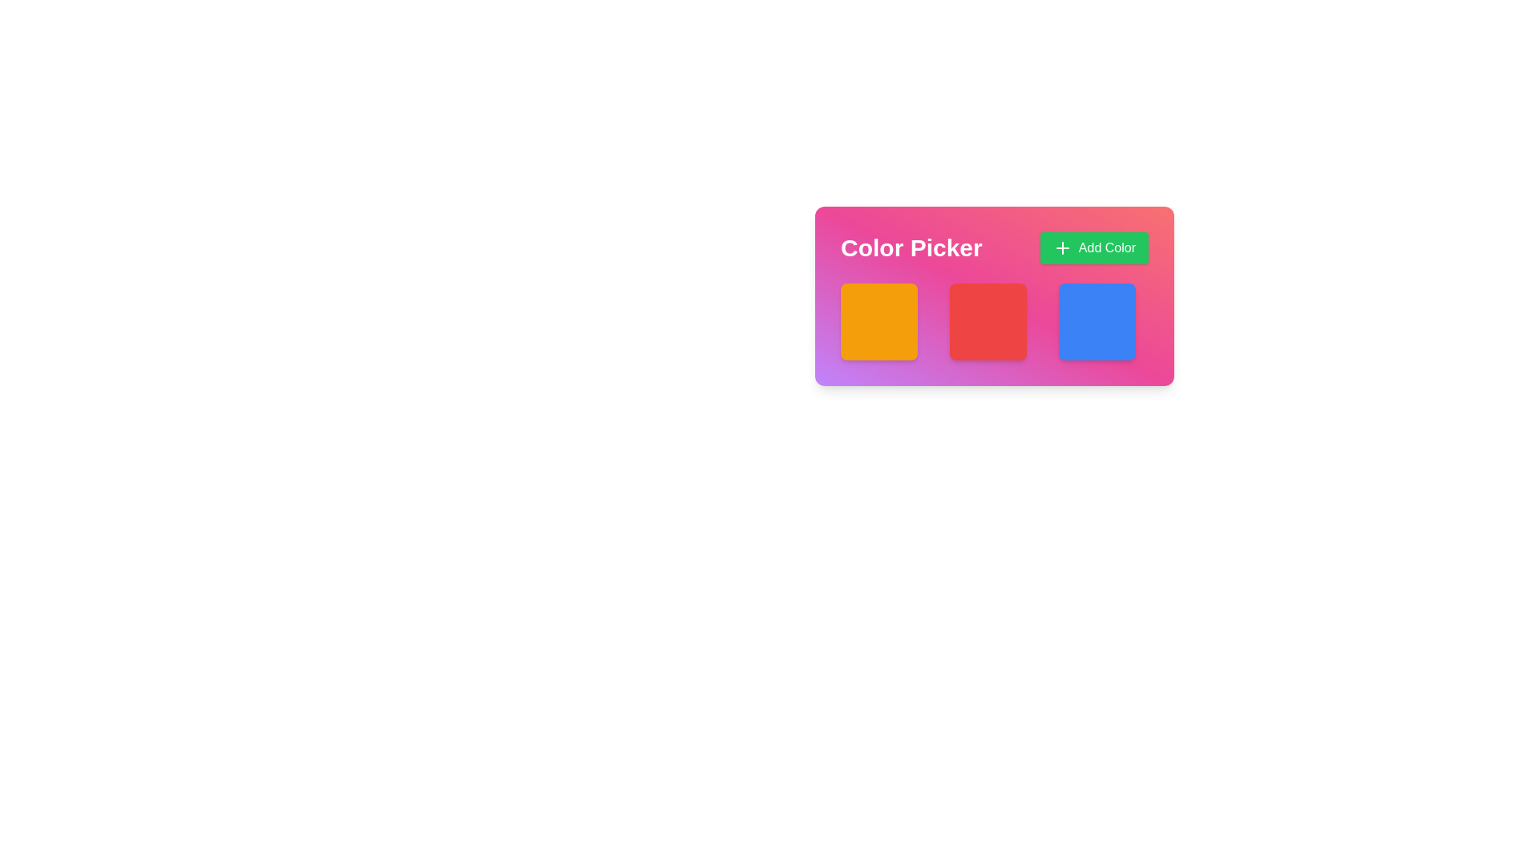 This screenshot has height=865, width=1539. What do you see at coordinates (911, 247) in the screenshot?
I see `the descriptive text label indicating functionality for selecting or managing colors, located to the left of the 'Add Color' green button` at bounding box center [911, 247].